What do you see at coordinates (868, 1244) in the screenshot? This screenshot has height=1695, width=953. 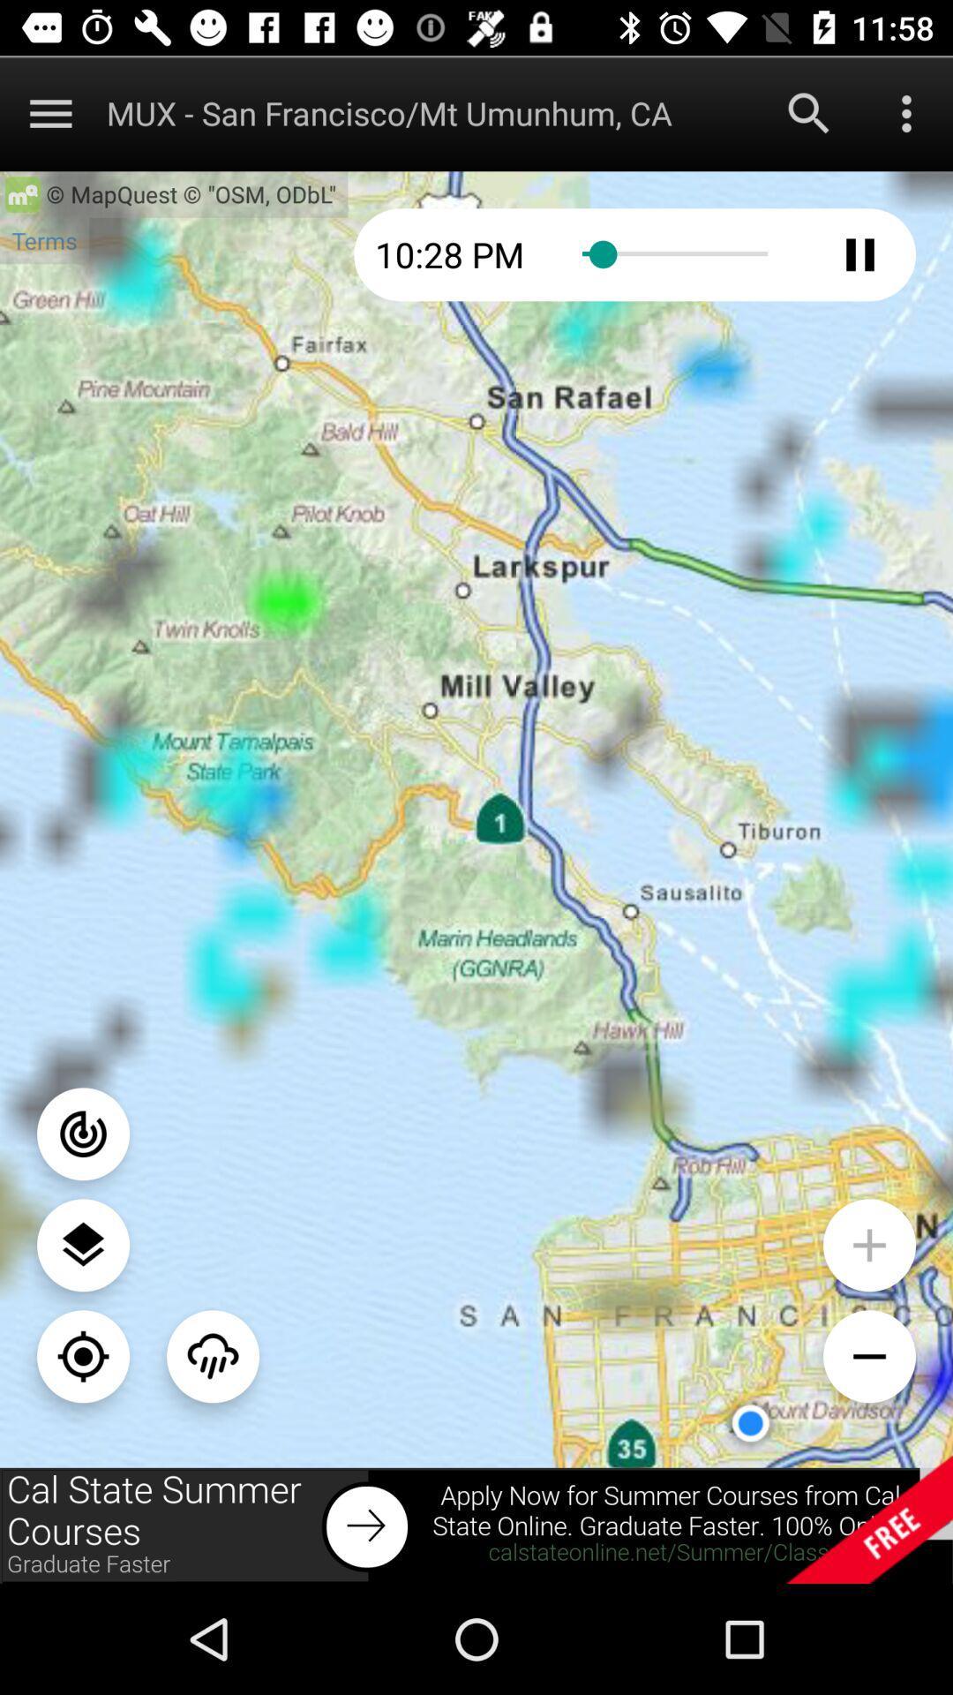 I see `the add icon` at bounding box center [868, 1244].